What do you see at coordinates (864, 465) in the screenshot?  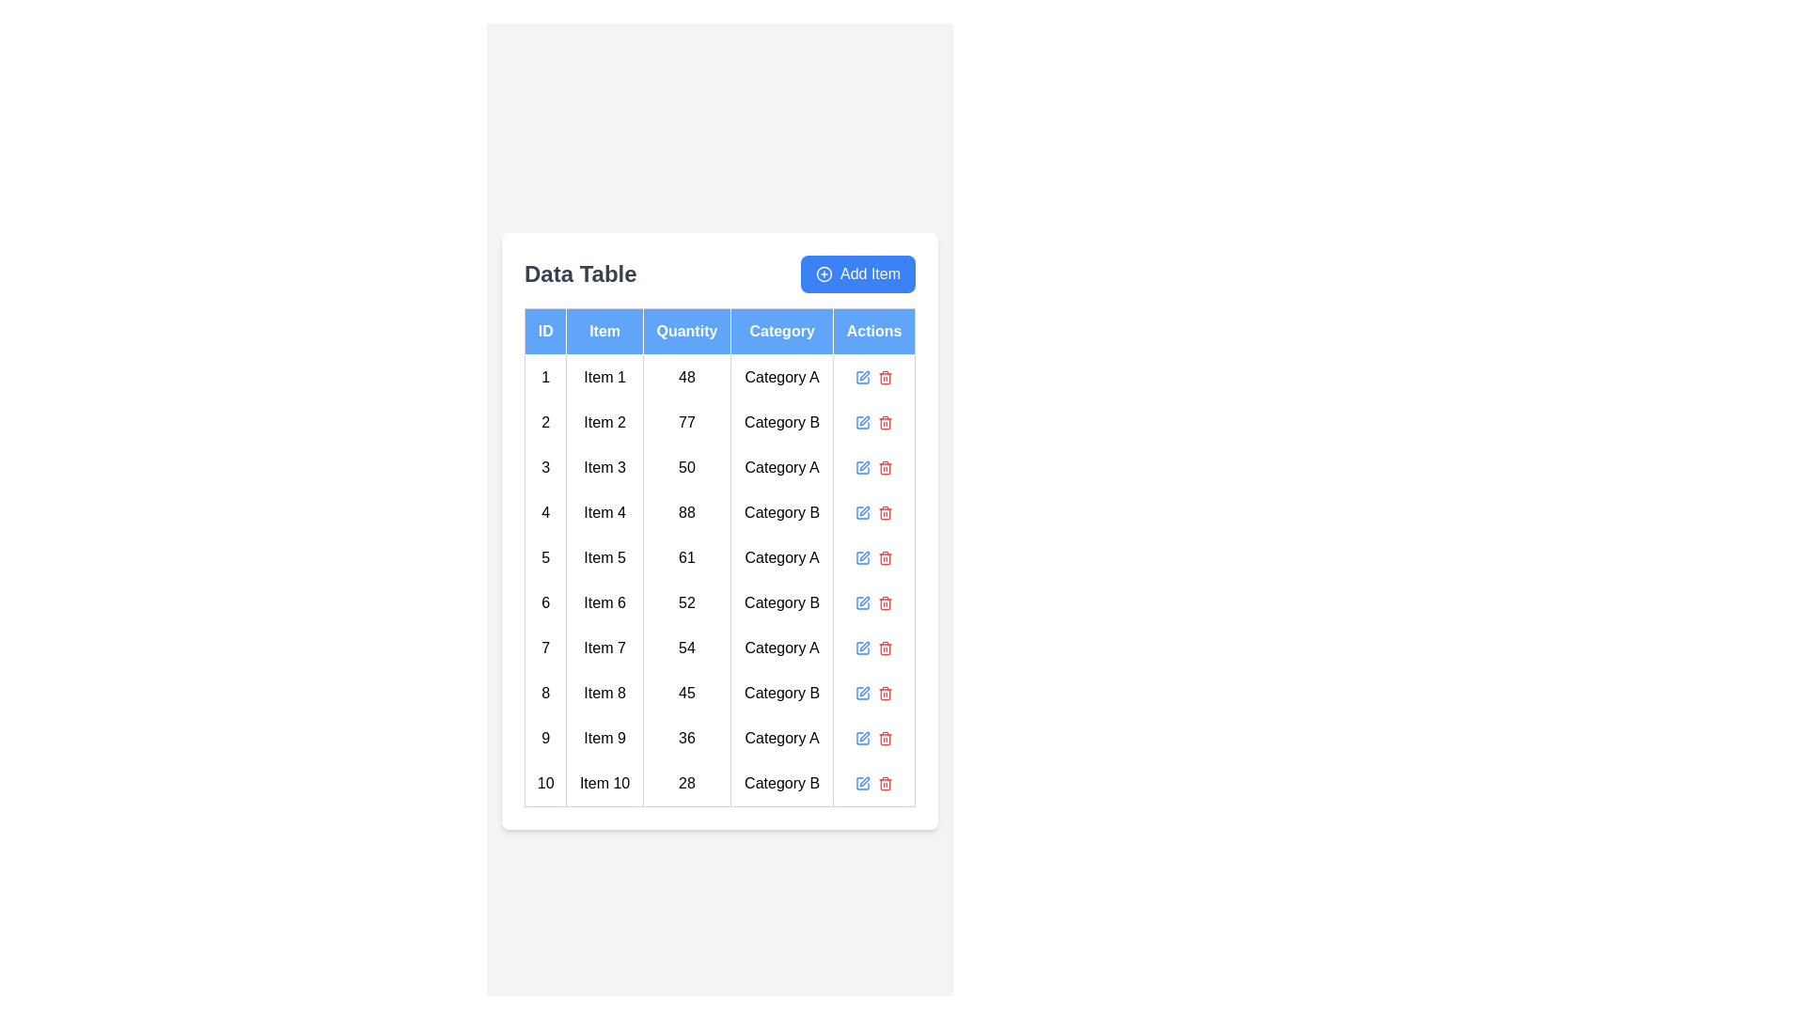 I see `the 'Edit' button located in the 'Actions' column of the data table, which is the first icon to the left of the red trash bin icon` at bounding box center [864, 465].